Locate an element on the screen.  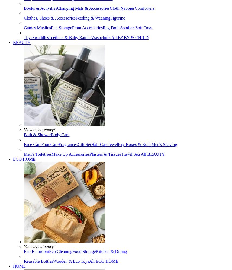
'Cloth Nappies' is located at coordinates (122, 8).